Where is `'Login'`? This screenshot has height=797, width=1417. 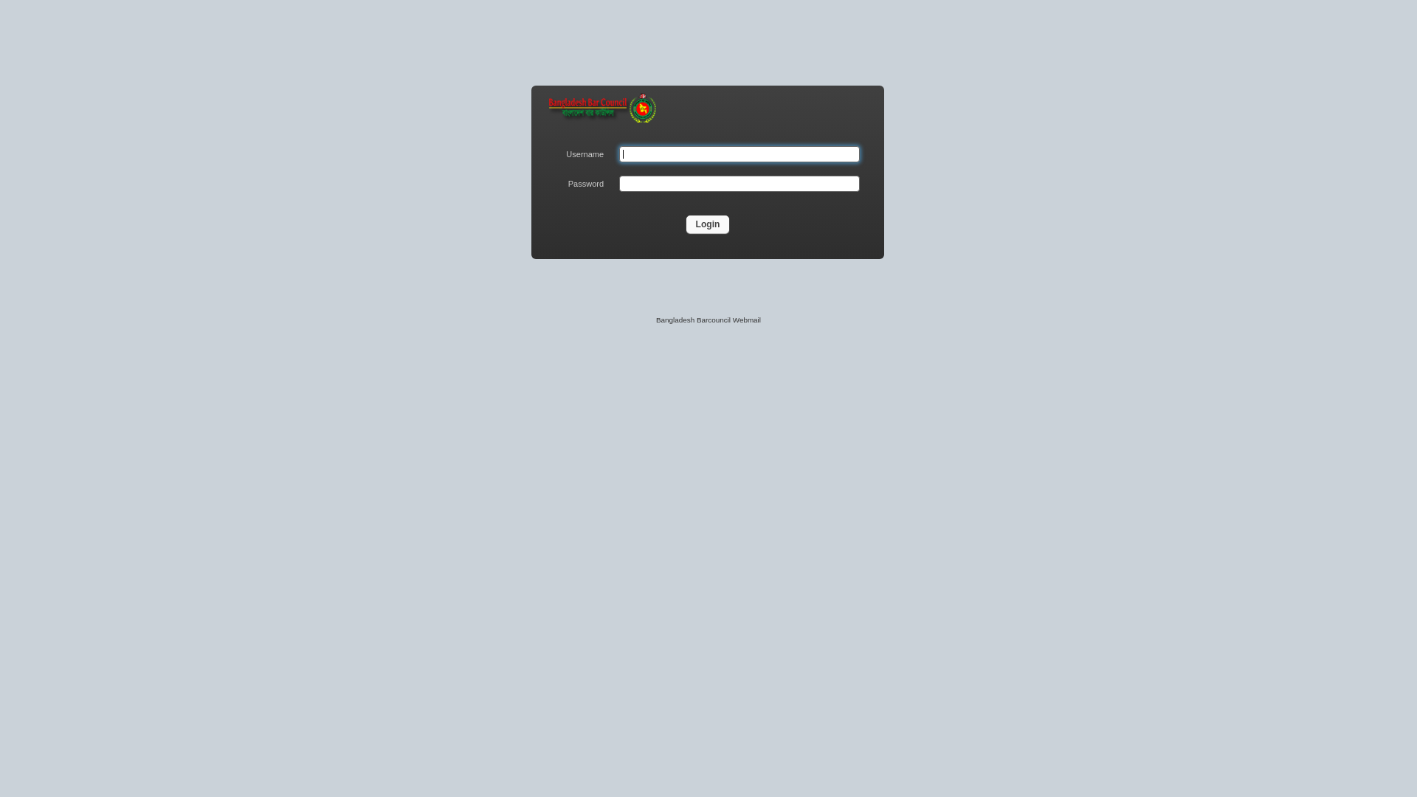
'Login' is located at coordinates (707, 224).